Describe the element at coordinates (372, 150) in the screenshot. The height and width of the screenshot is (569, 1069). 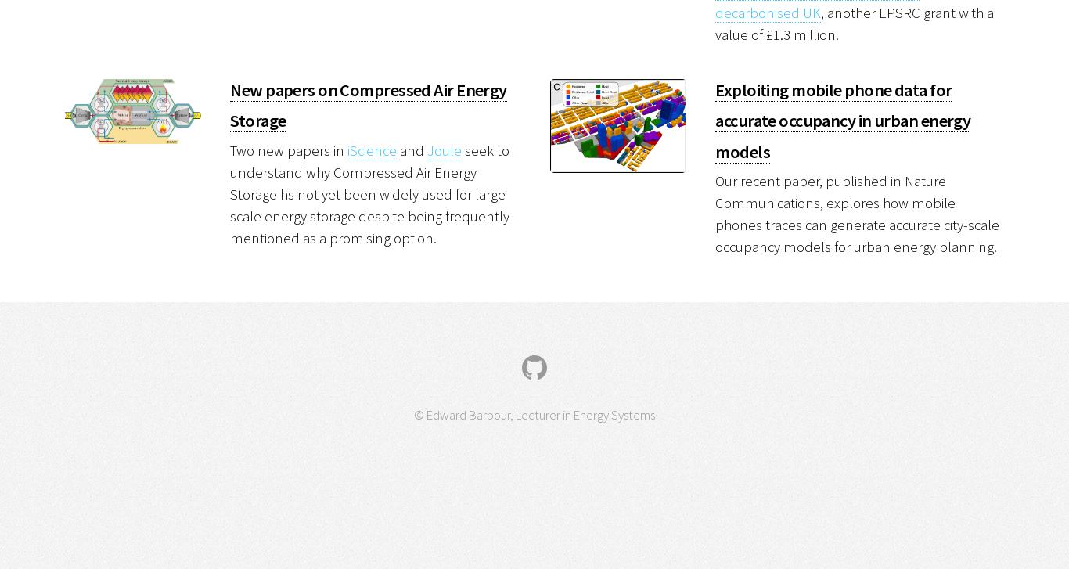
I see `'iScience'` at that location.